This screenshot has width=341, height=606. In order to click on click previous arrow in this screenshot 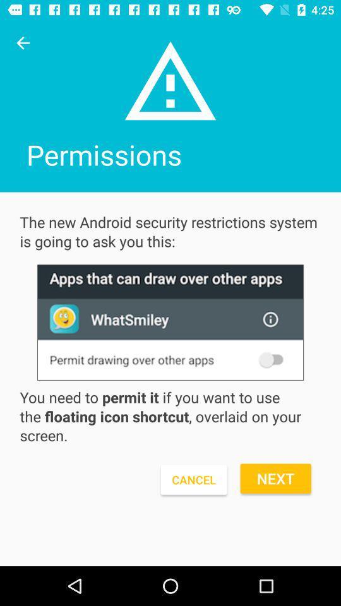, I will do `click(23, 43)`.